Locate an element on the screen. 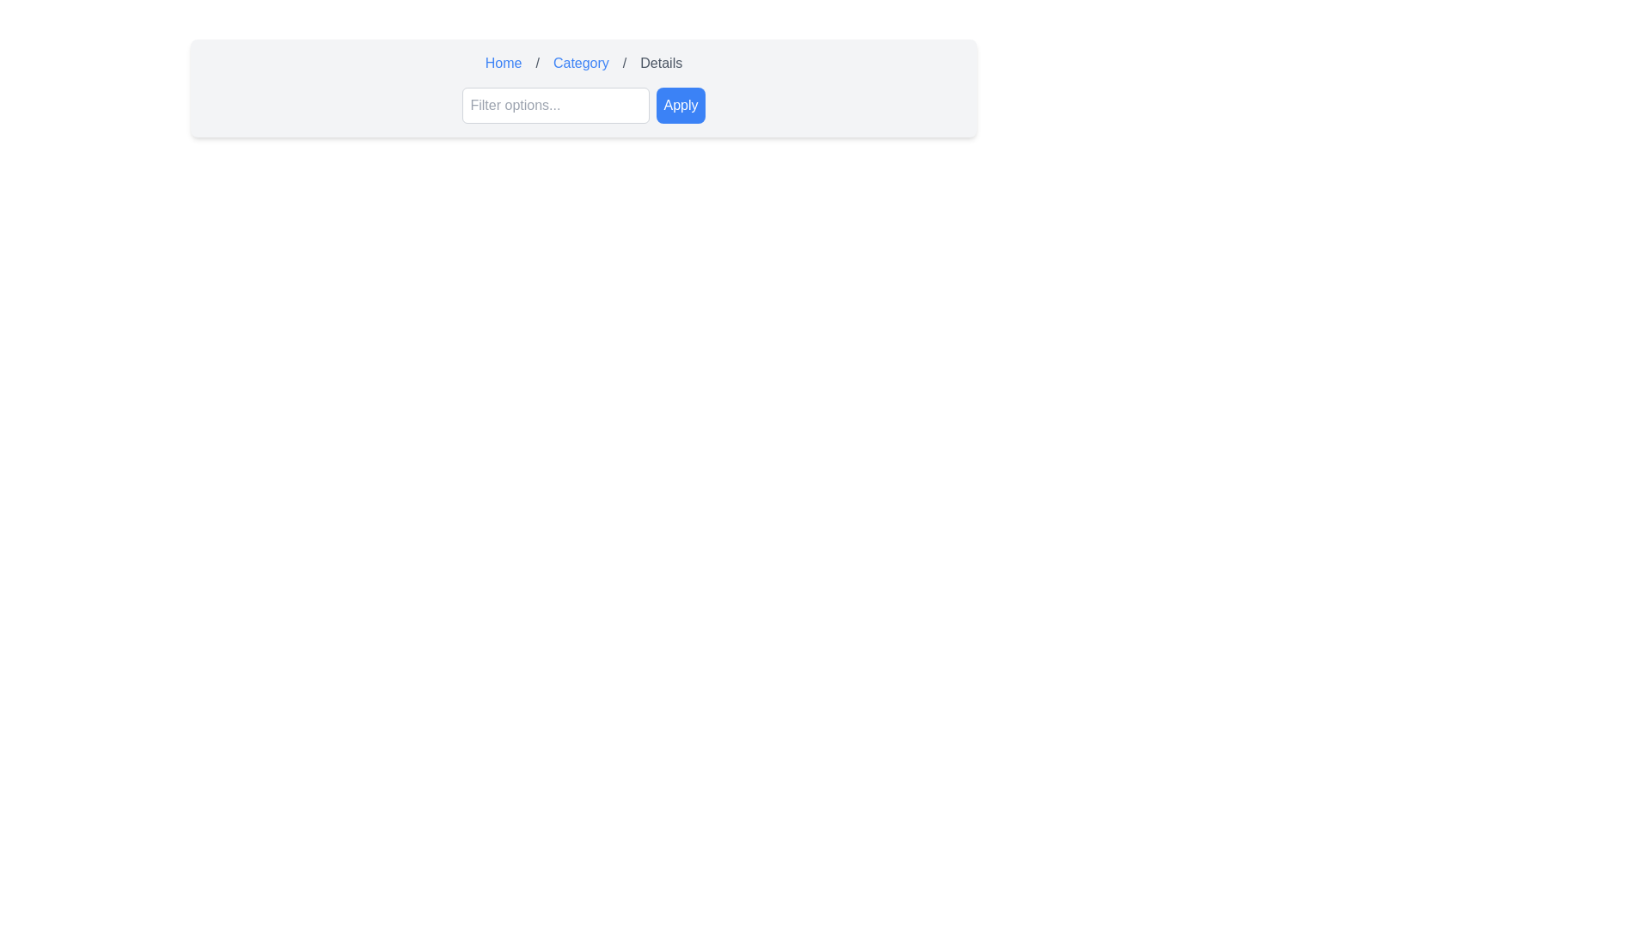 This screenshot has height=928, width=1650. the first forward slash '/' character in the breadcrumb navigation that separates the 'Home' and 'Category' links is located at coordinates (536, 62).